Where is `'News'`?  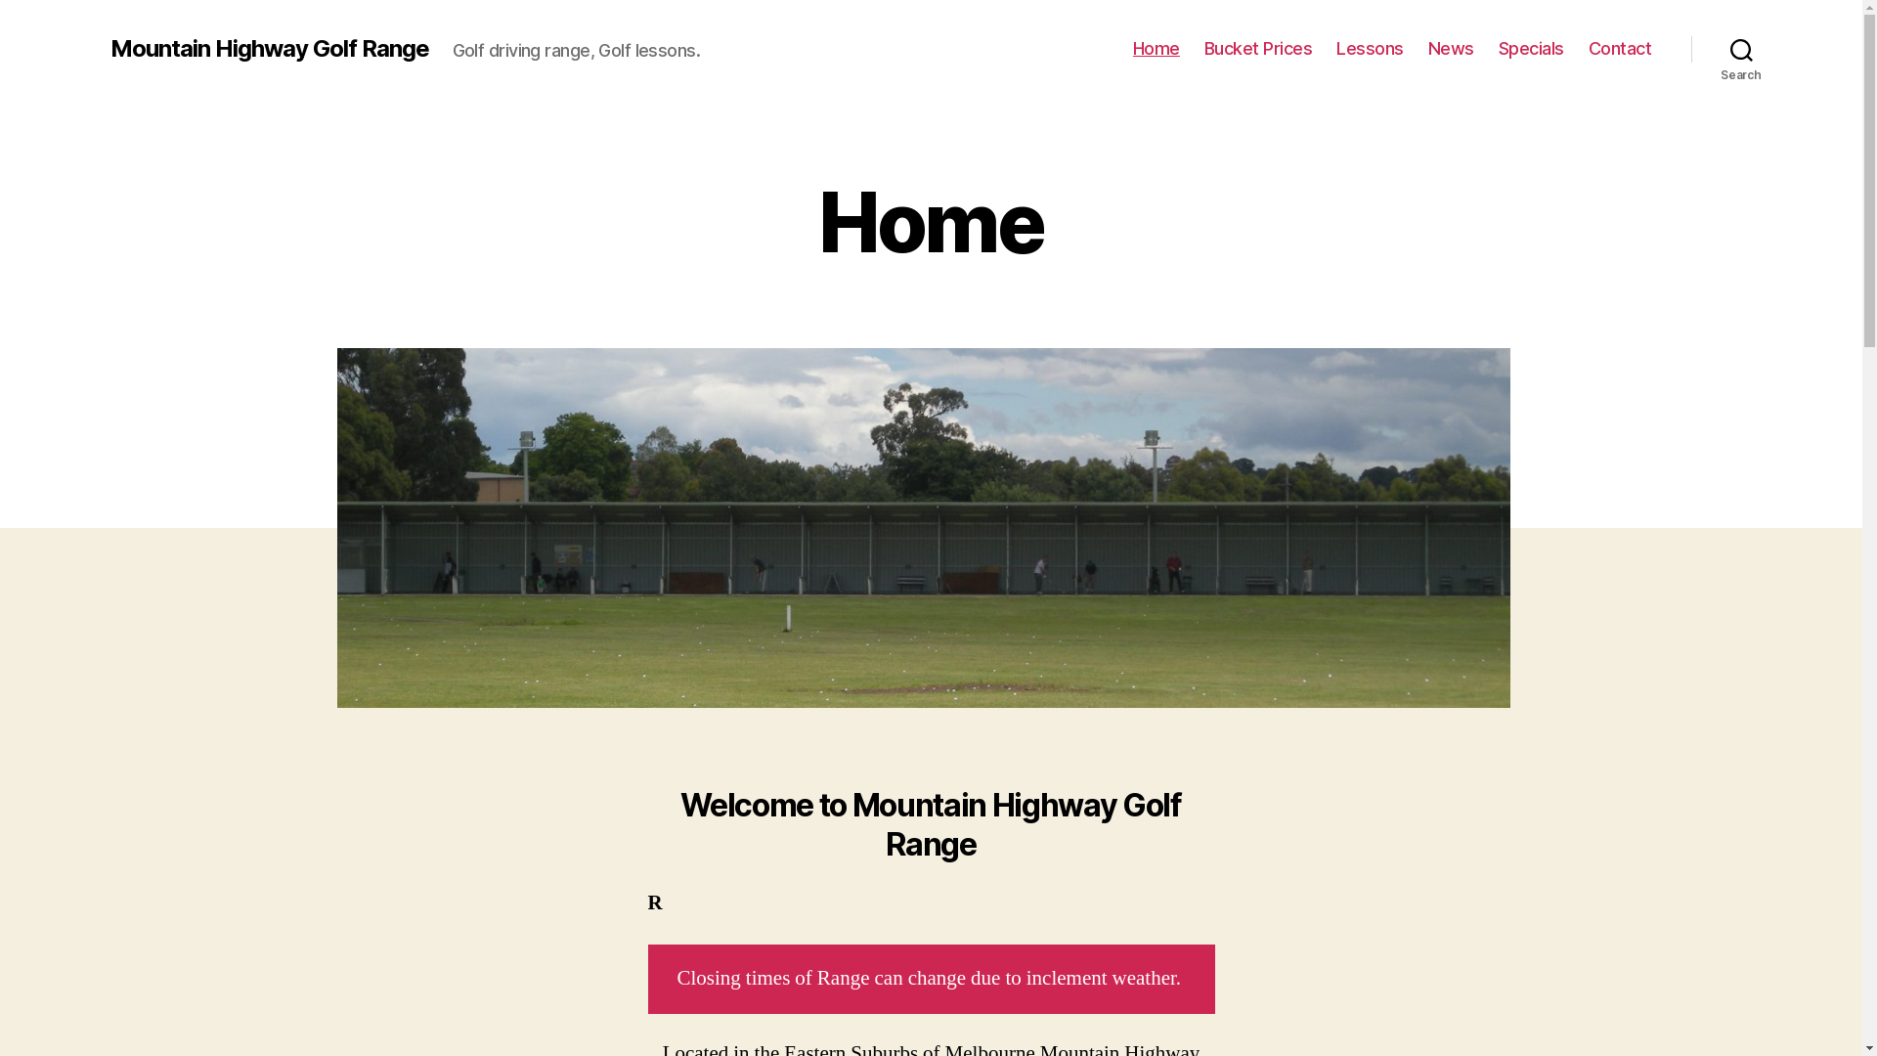
'News' is located at coordinates (1451, 48).